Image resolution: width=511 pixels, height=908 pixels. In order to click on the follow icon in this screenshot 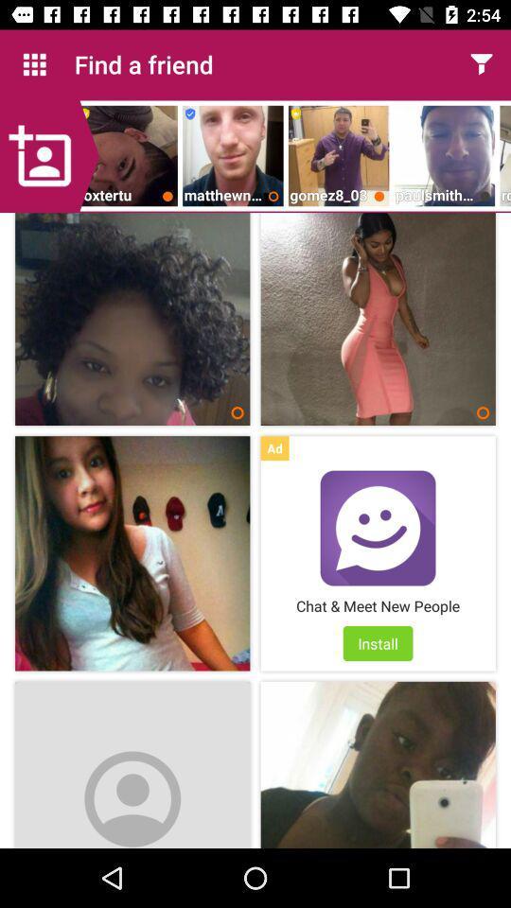, I will do `click(49, 155)`.